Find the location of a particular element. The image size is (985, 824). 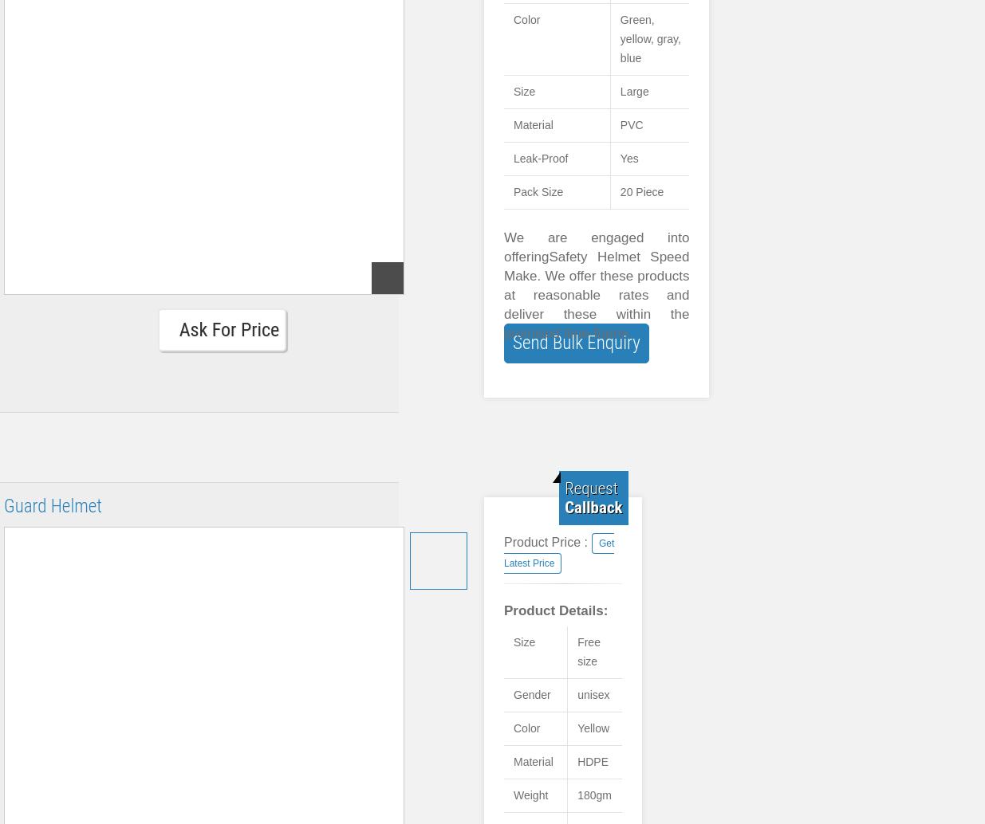

'Product Price :' is located at coordinates (545, 542).